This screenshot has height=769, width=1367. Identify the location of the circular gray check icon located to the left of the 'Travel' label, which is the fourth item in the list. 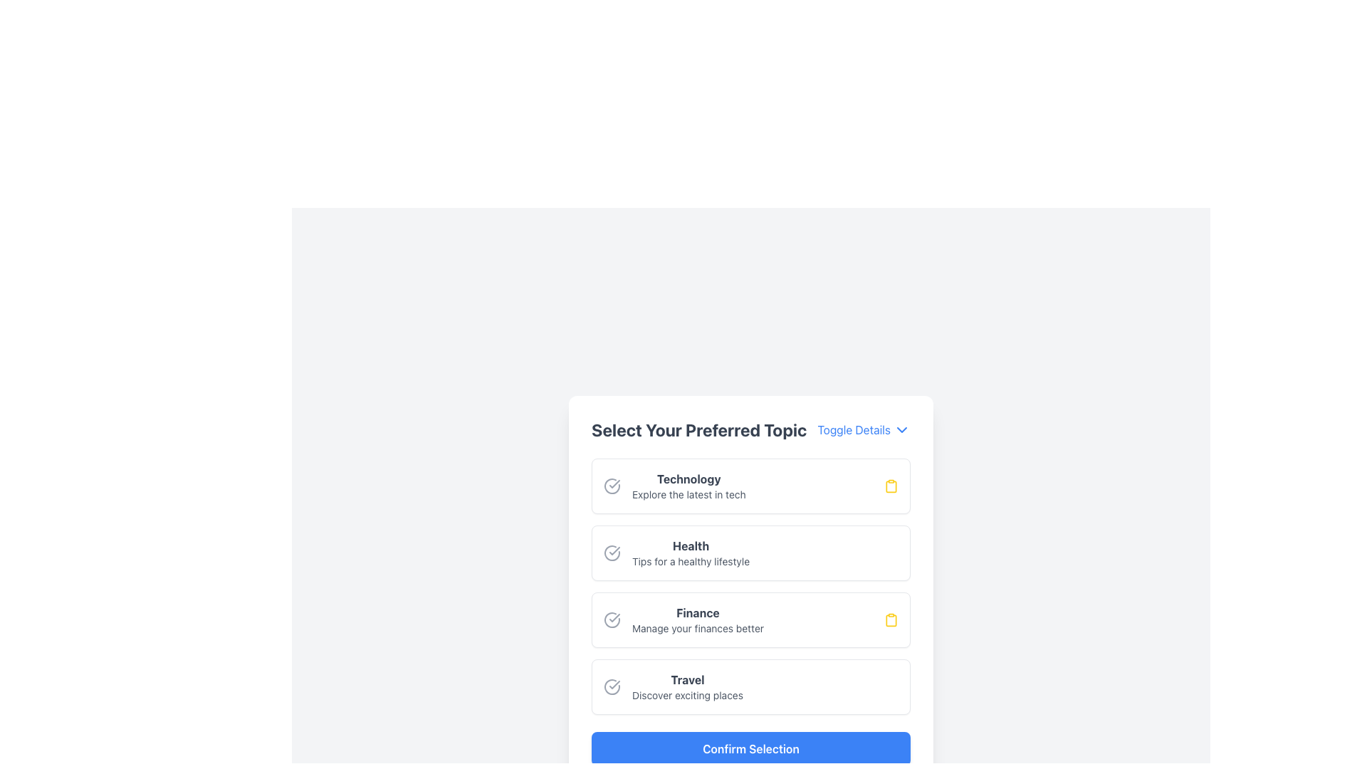
(612, 686).